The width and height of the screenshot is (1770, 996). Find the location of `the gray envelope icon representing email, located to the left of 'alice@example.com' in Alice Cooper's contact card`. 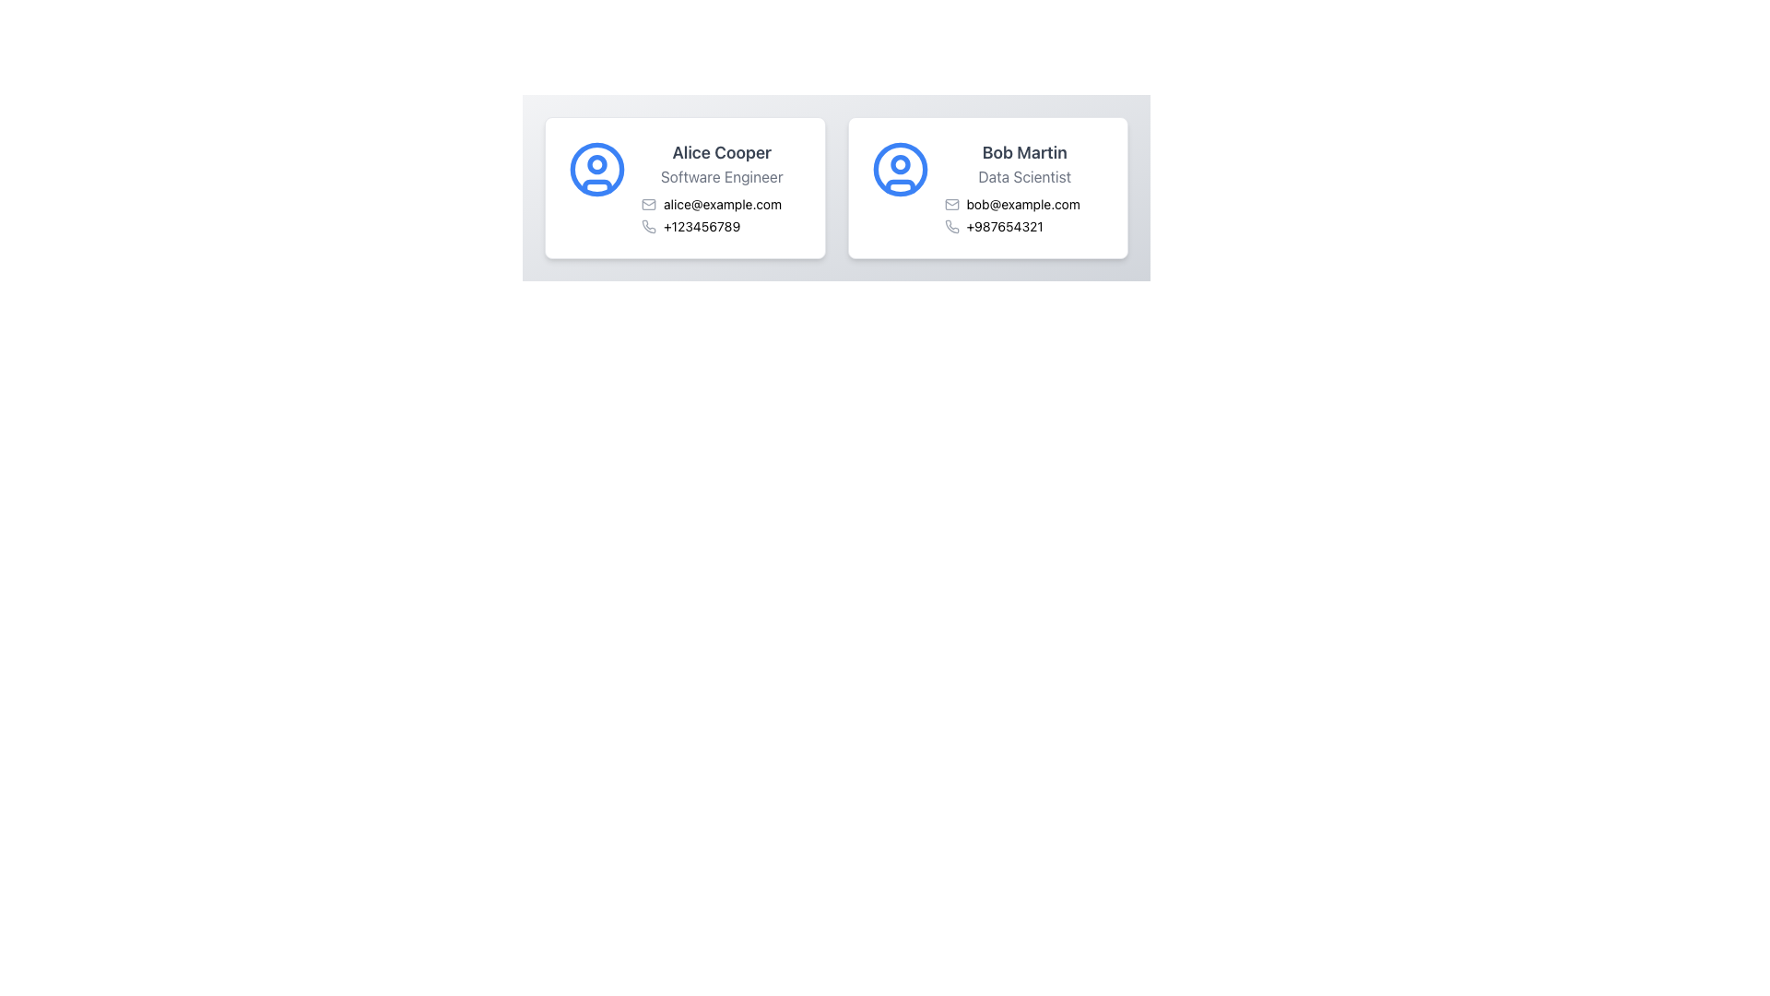

the gray envelope icon representing email, located to the left of 'alice@example.com' in Alice Cooper's contact card is located at coordinates (649, 205).